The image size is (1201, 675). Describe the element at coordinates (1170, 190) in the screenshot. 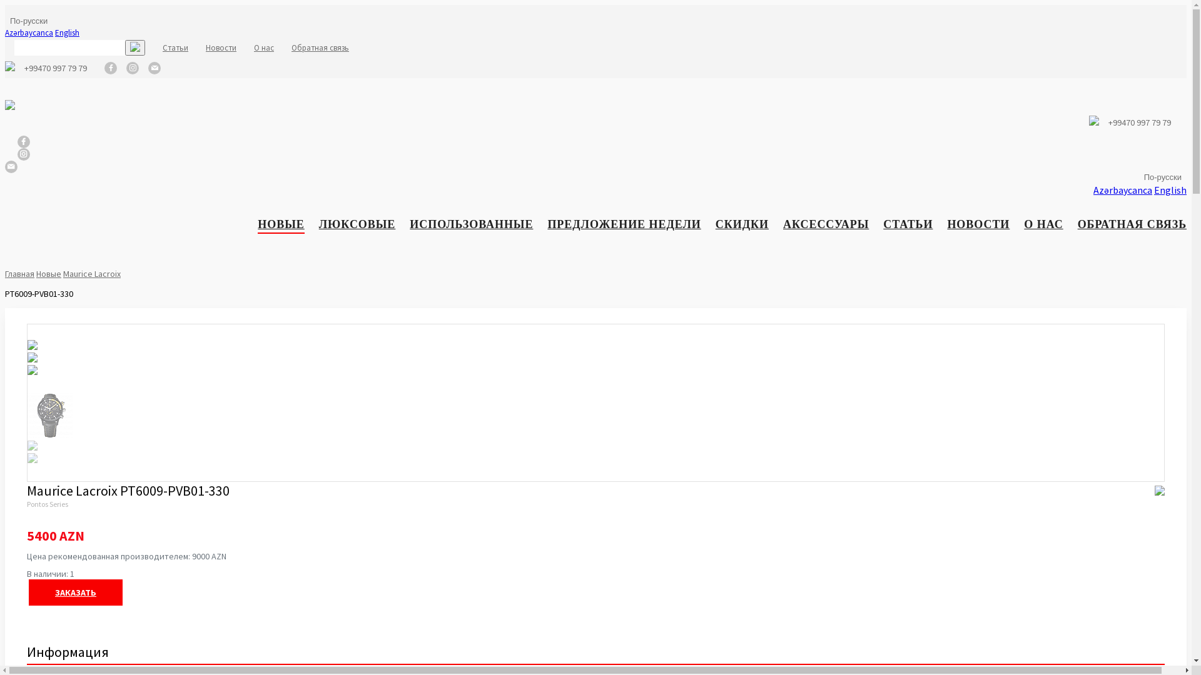

I see `'English'` at that location.